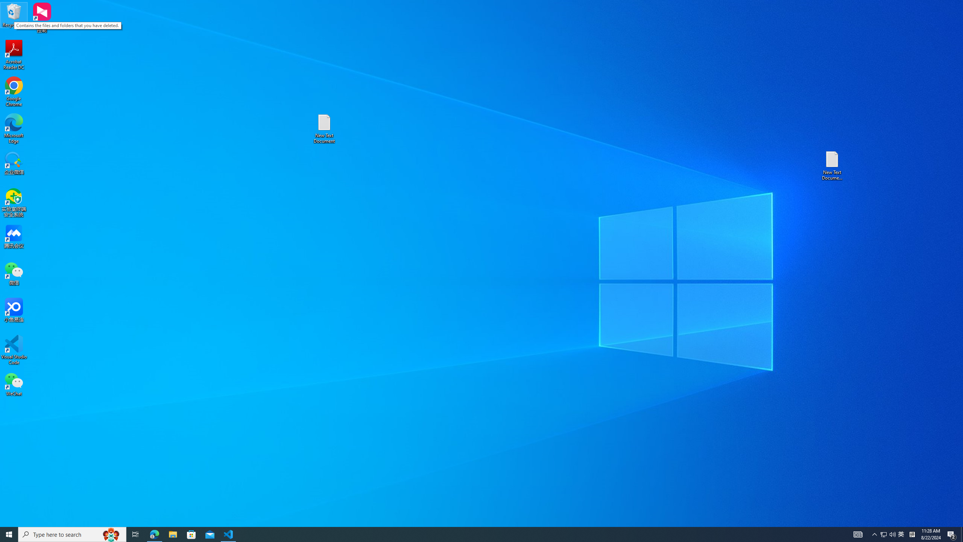 The image size is (963, 542). I want to click on 'Google Chrome', so click(14, 92).